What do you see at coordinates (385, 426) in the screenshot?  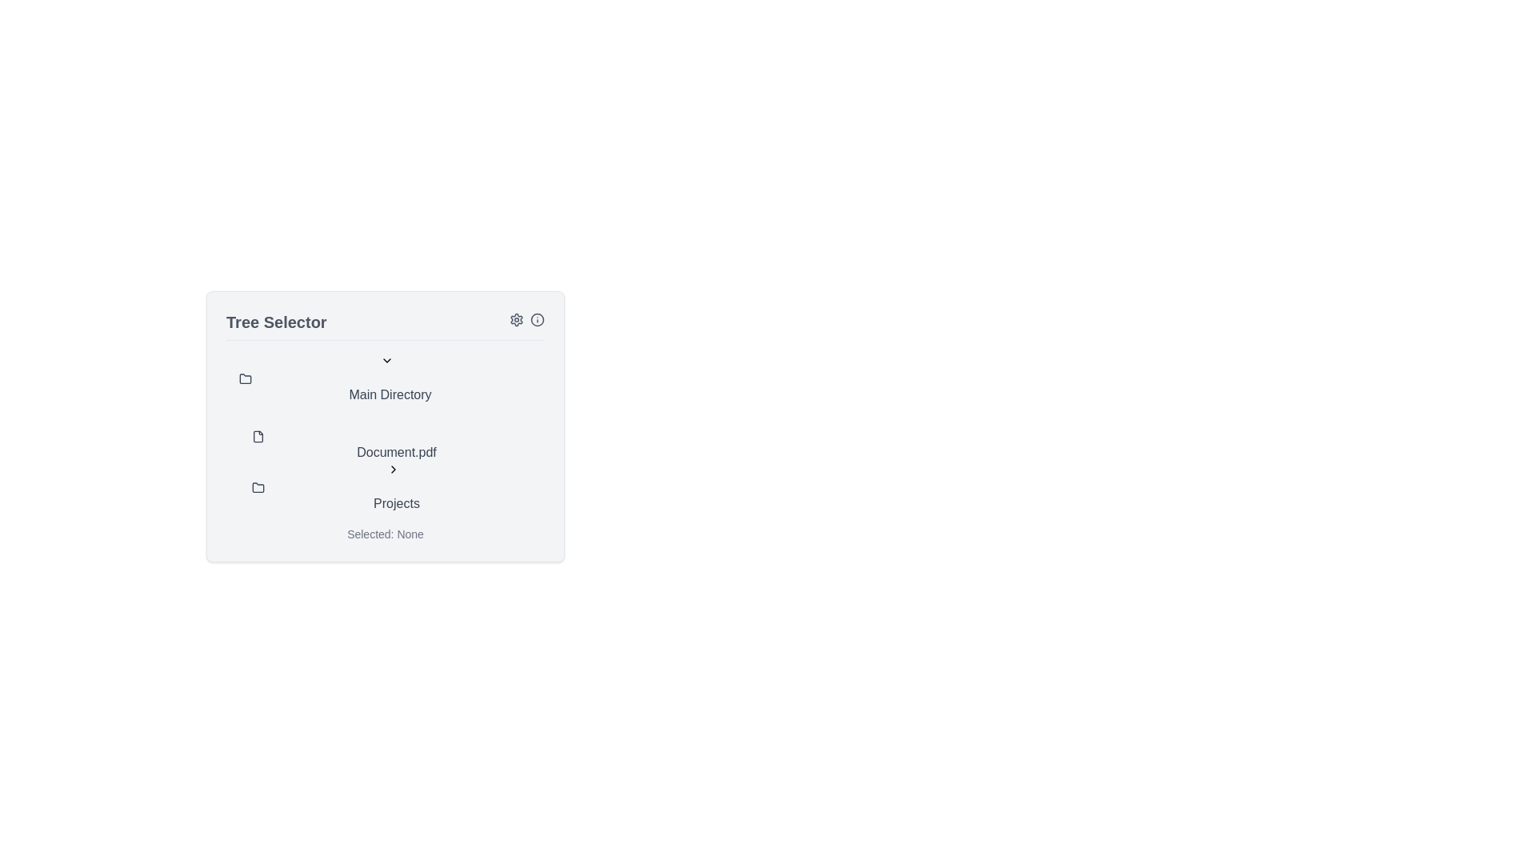 I see `files or folders within the 'Tree Selector' navigational tree view` at bounding box center [385, 426].